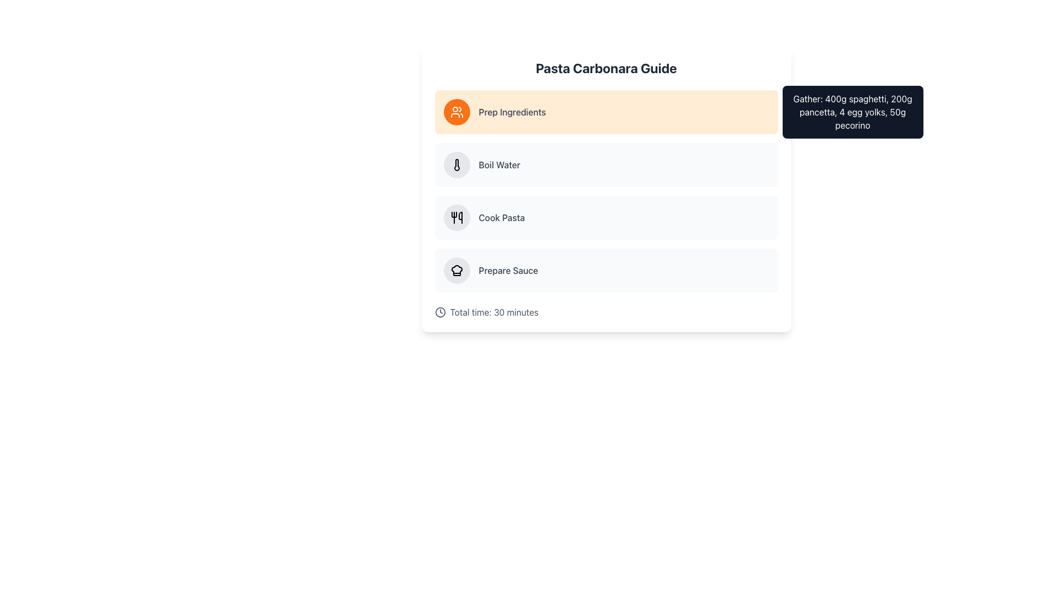 The image size is (1056, 594). Describe the element at coordinates (784, 165) in the screenshot. I see `the position of the Pointer arrow located at the left edge of the tooltip box associated with the 'Prep Ingredients' option in the step-by-step guide` at that location.